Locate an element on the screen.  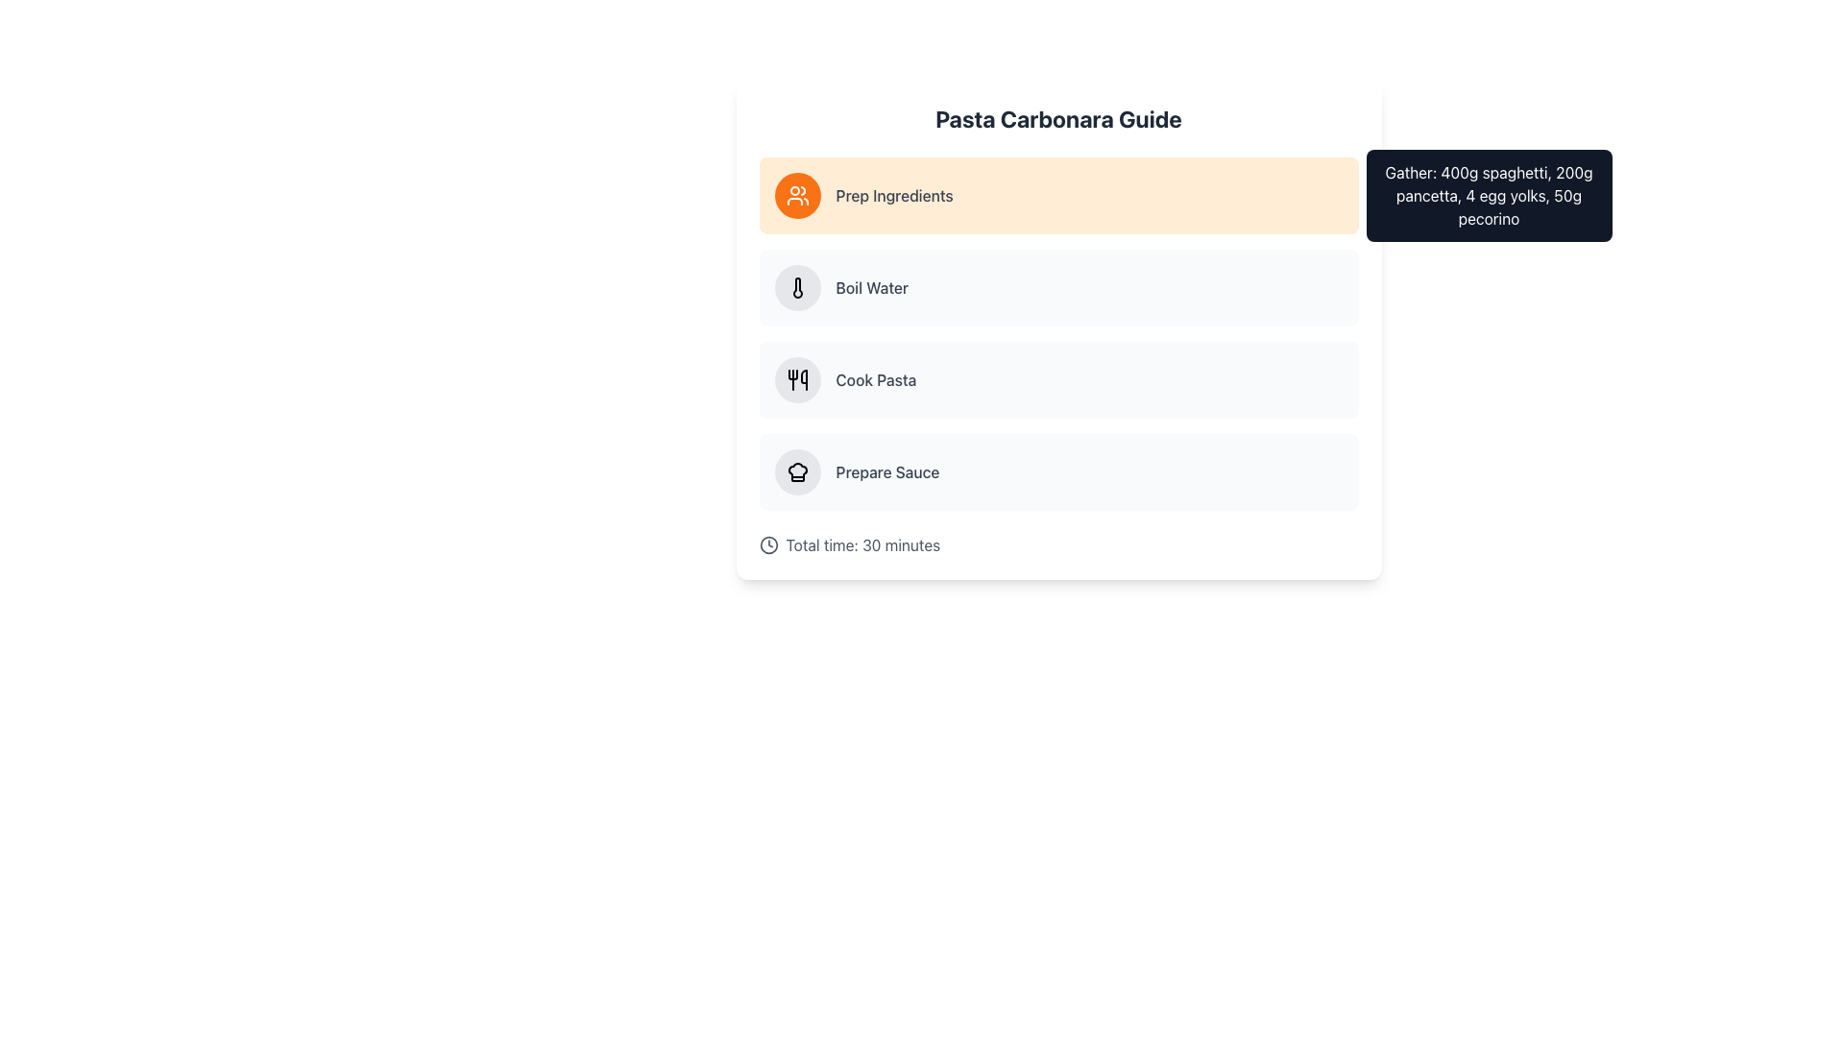
text label displaying 'Boil Water' which is part of the vertical list of steps, located between 'Prep Ingredients' and 'Cook Pasta' is located at coordinates (871, 288).